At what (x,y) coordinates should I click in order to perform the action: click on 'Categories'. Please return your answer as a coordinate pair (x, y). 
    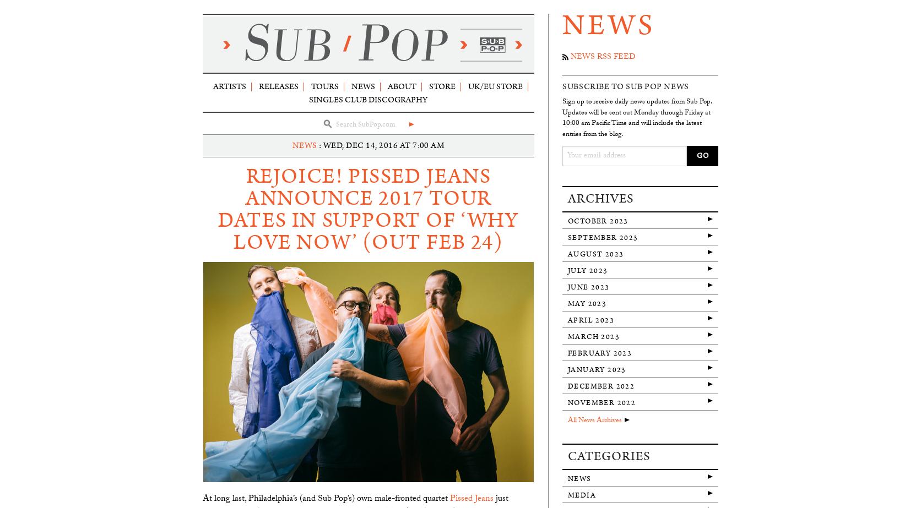
    Looking at the image, I should click on (609, 455).